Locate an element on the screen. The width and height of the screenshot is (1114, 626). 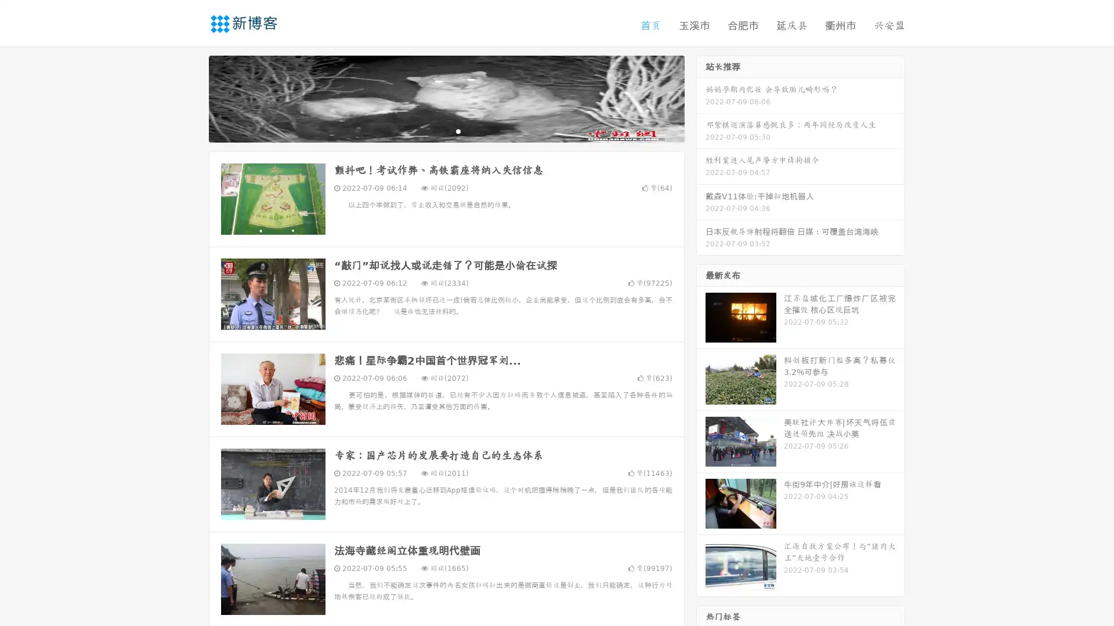
Next slide is located at coordinates (701, 97).